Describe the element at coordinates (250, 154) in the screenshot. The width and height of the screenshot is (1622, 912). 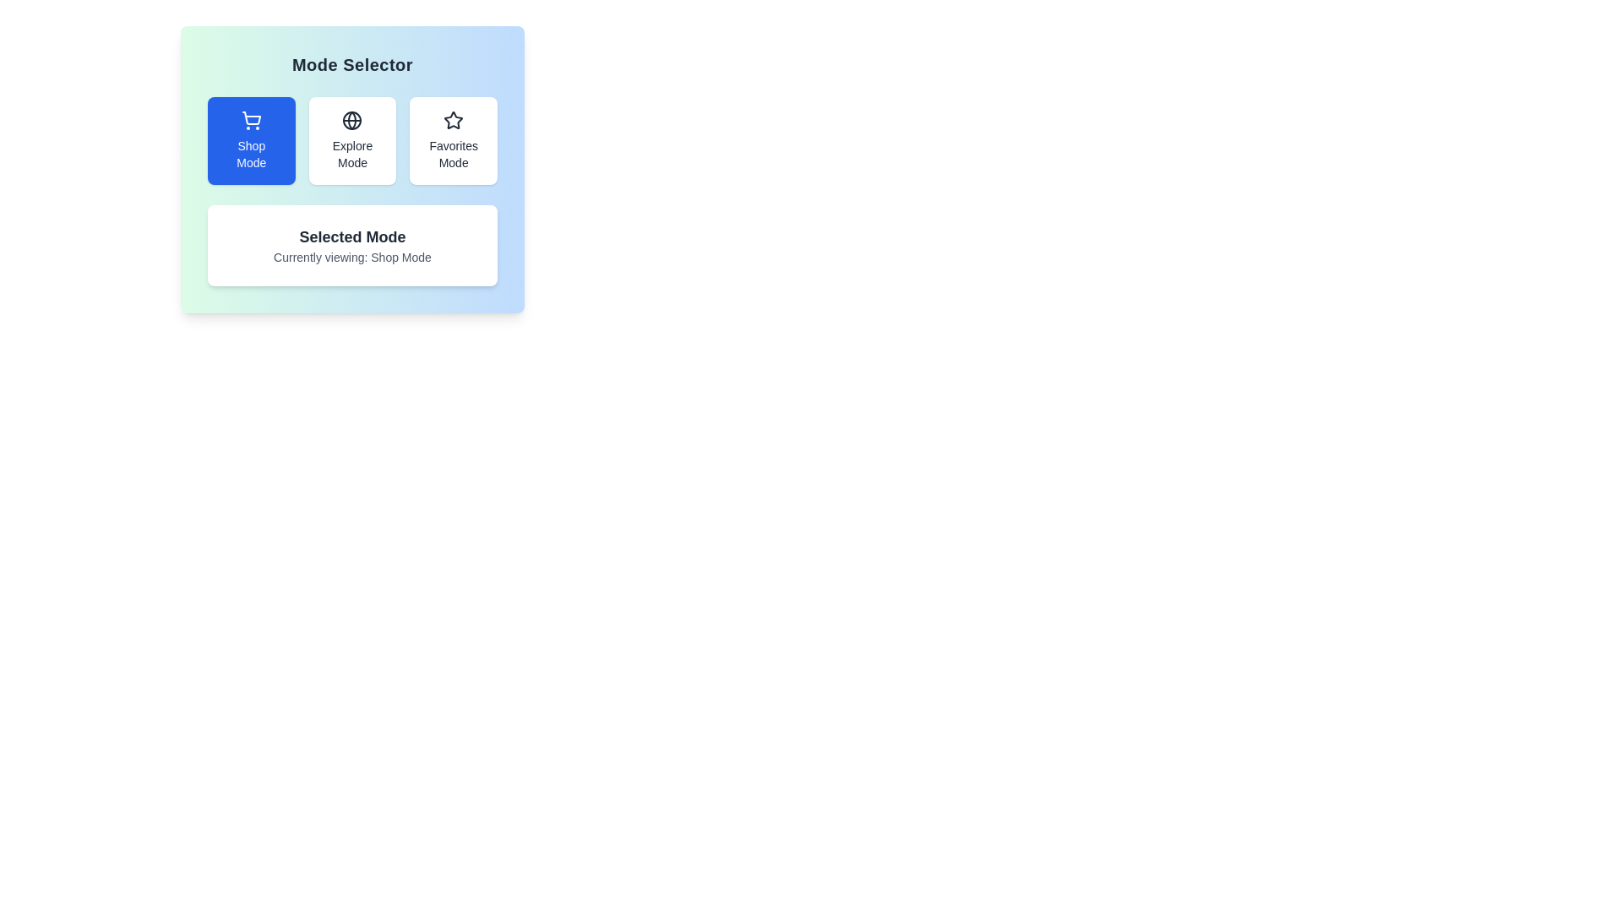
I see `the 'Shop Mode' text label, which is styled with white text on a blue background and is the first button in a group of three buttons` at that location.